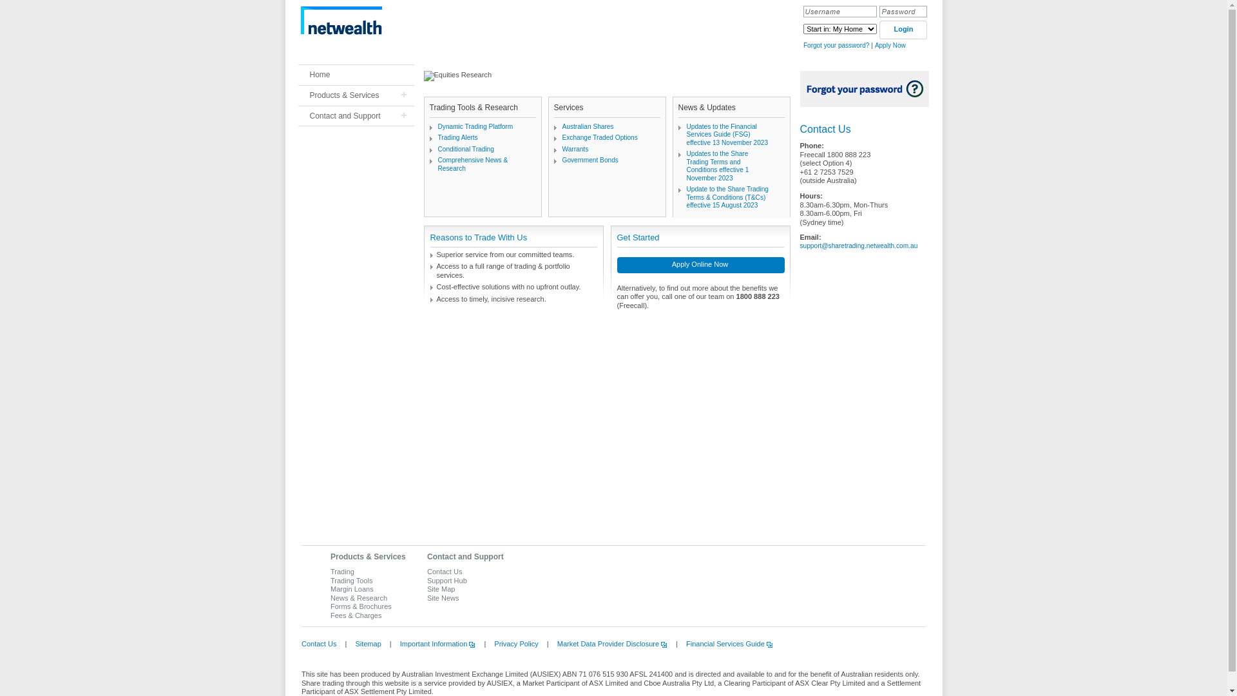  I want to click on 'Dynamic Trading Platform', so click(475, 126).